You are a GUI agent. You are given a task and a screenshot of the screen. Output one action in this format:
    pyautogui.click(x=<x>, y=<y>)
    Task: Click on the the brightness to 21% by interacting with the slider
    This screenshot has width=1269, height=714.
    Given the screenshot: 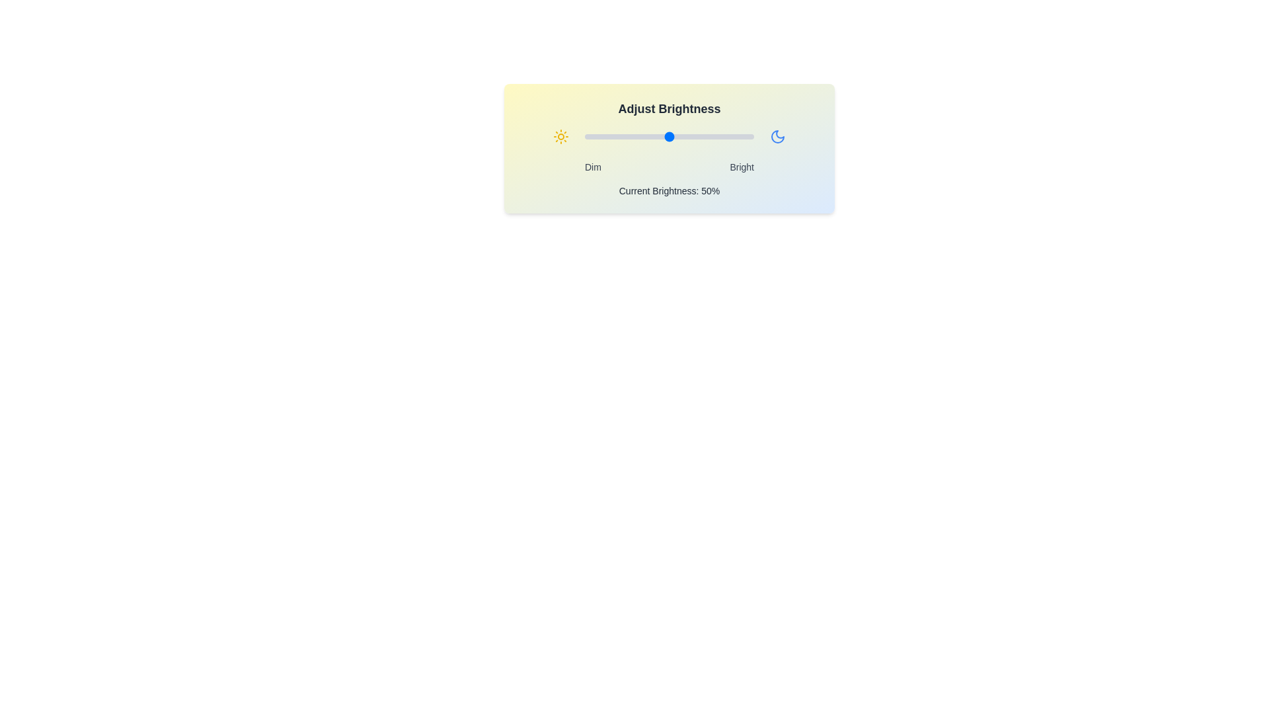 What is the action you would take?
    pyautogui.click(x=619, y=137)
    